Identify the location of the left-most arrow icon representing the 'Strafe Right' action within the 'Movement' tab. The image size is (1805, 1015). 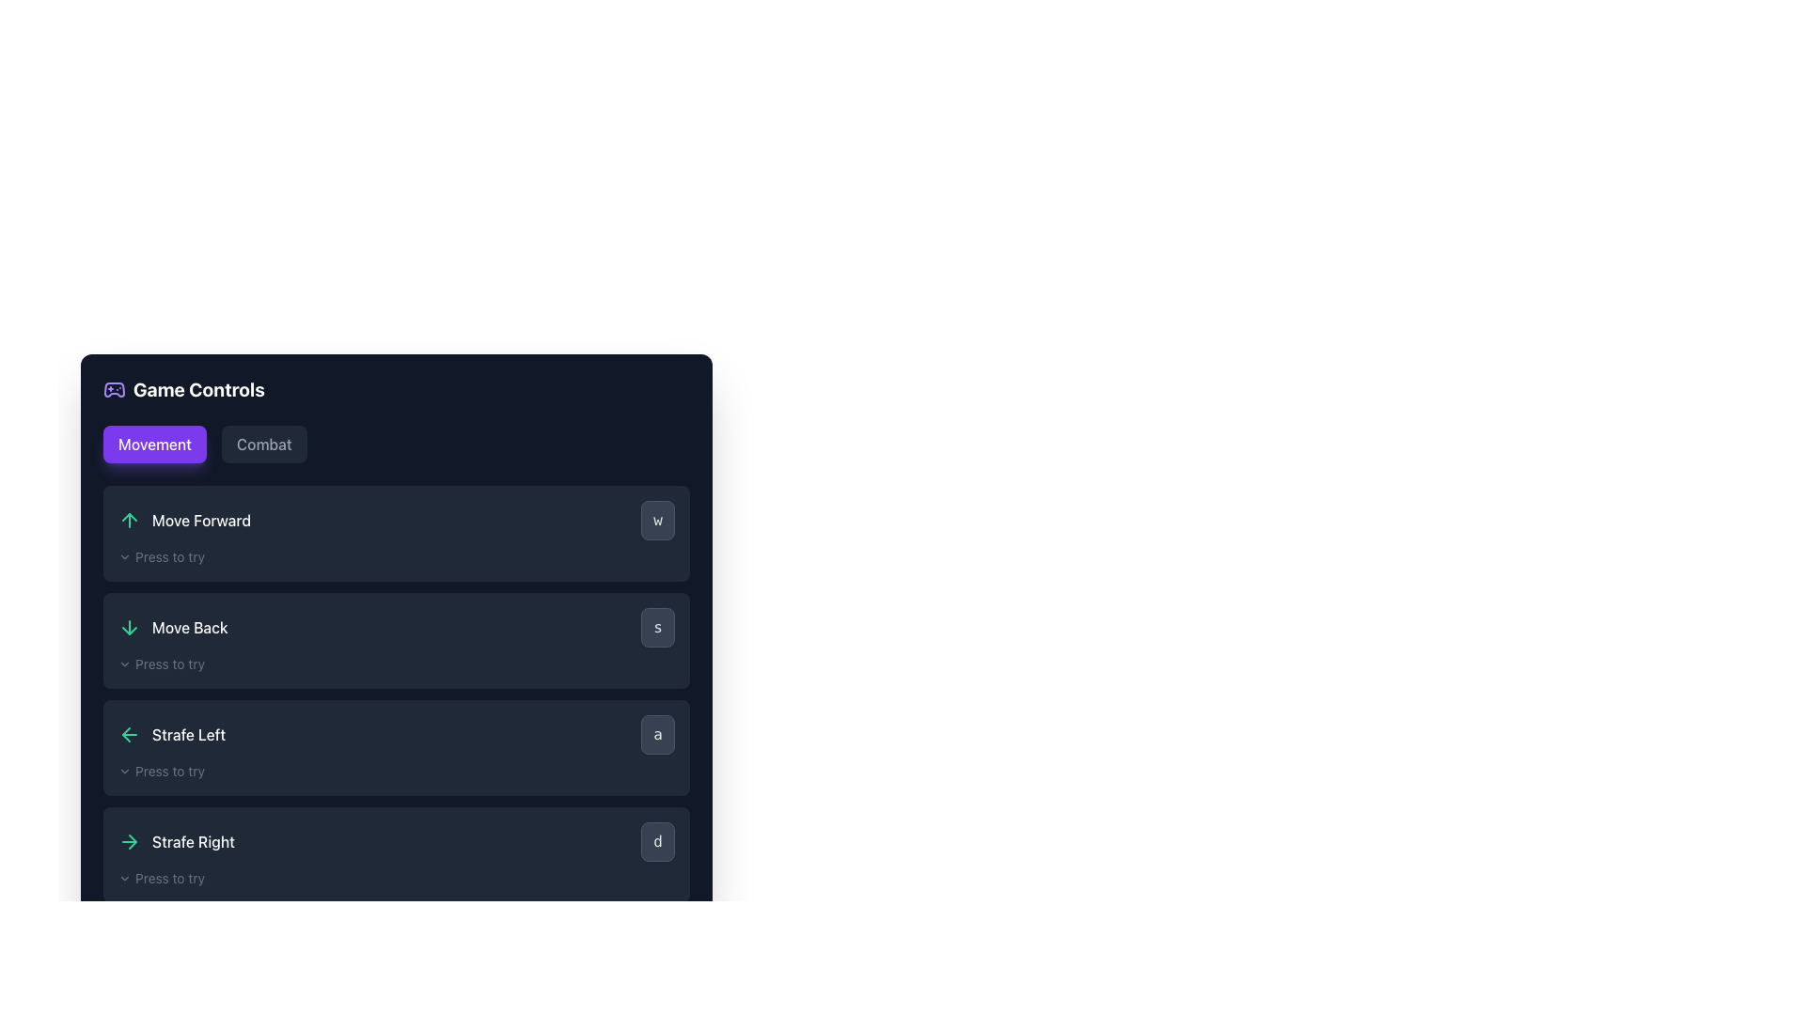
(129, 840).